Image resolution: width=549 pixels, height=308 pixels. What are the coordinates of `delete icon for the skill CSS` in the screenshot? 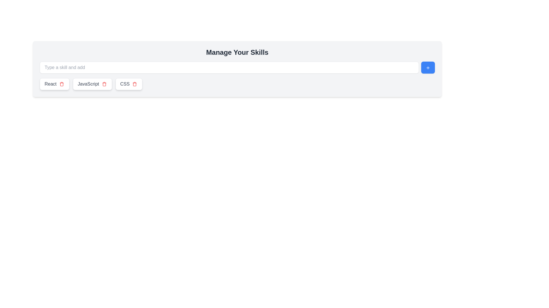 It's located at (134, 84).